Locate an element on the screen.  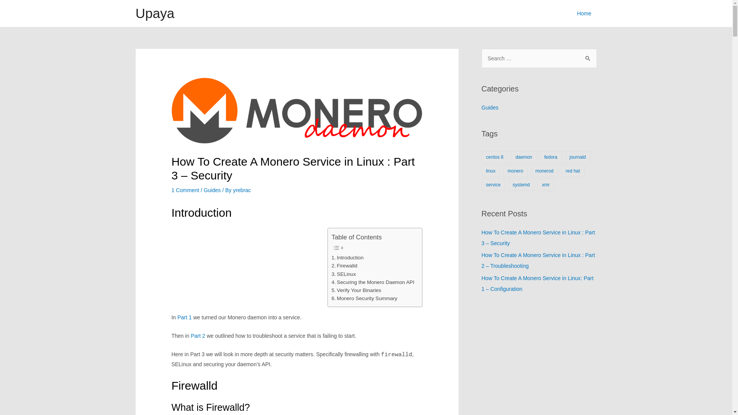
'centos 8' is located at coordinates (494, 156).